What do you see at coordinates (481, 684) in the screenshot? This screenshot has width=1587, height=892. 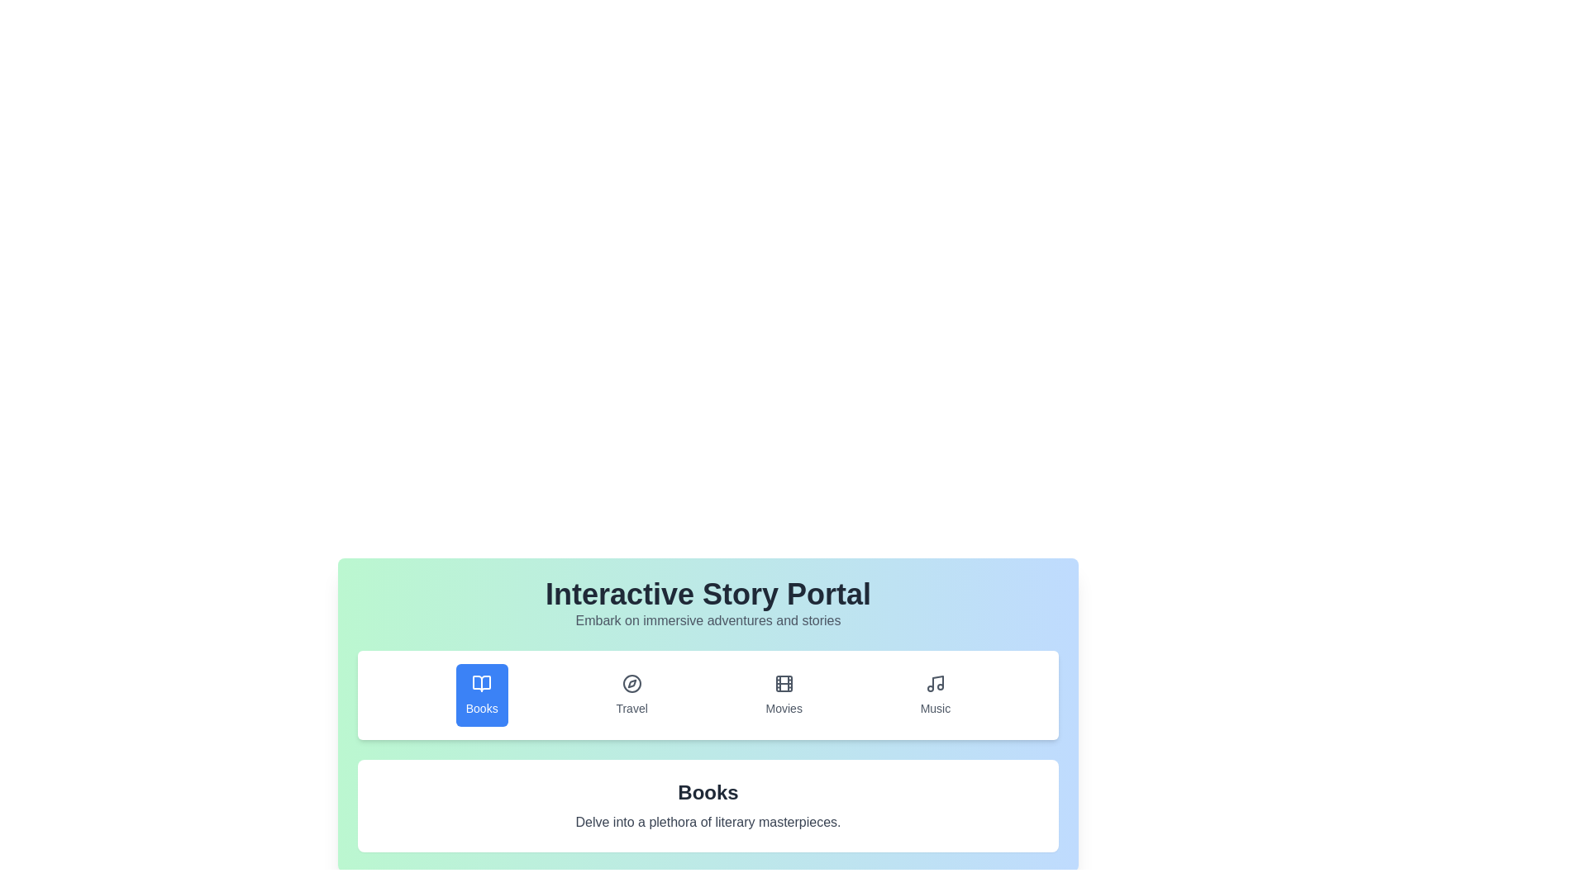 I see `the 'Books' icon, which is a visual representation for the navigation option` at bounding box center [481, 684].